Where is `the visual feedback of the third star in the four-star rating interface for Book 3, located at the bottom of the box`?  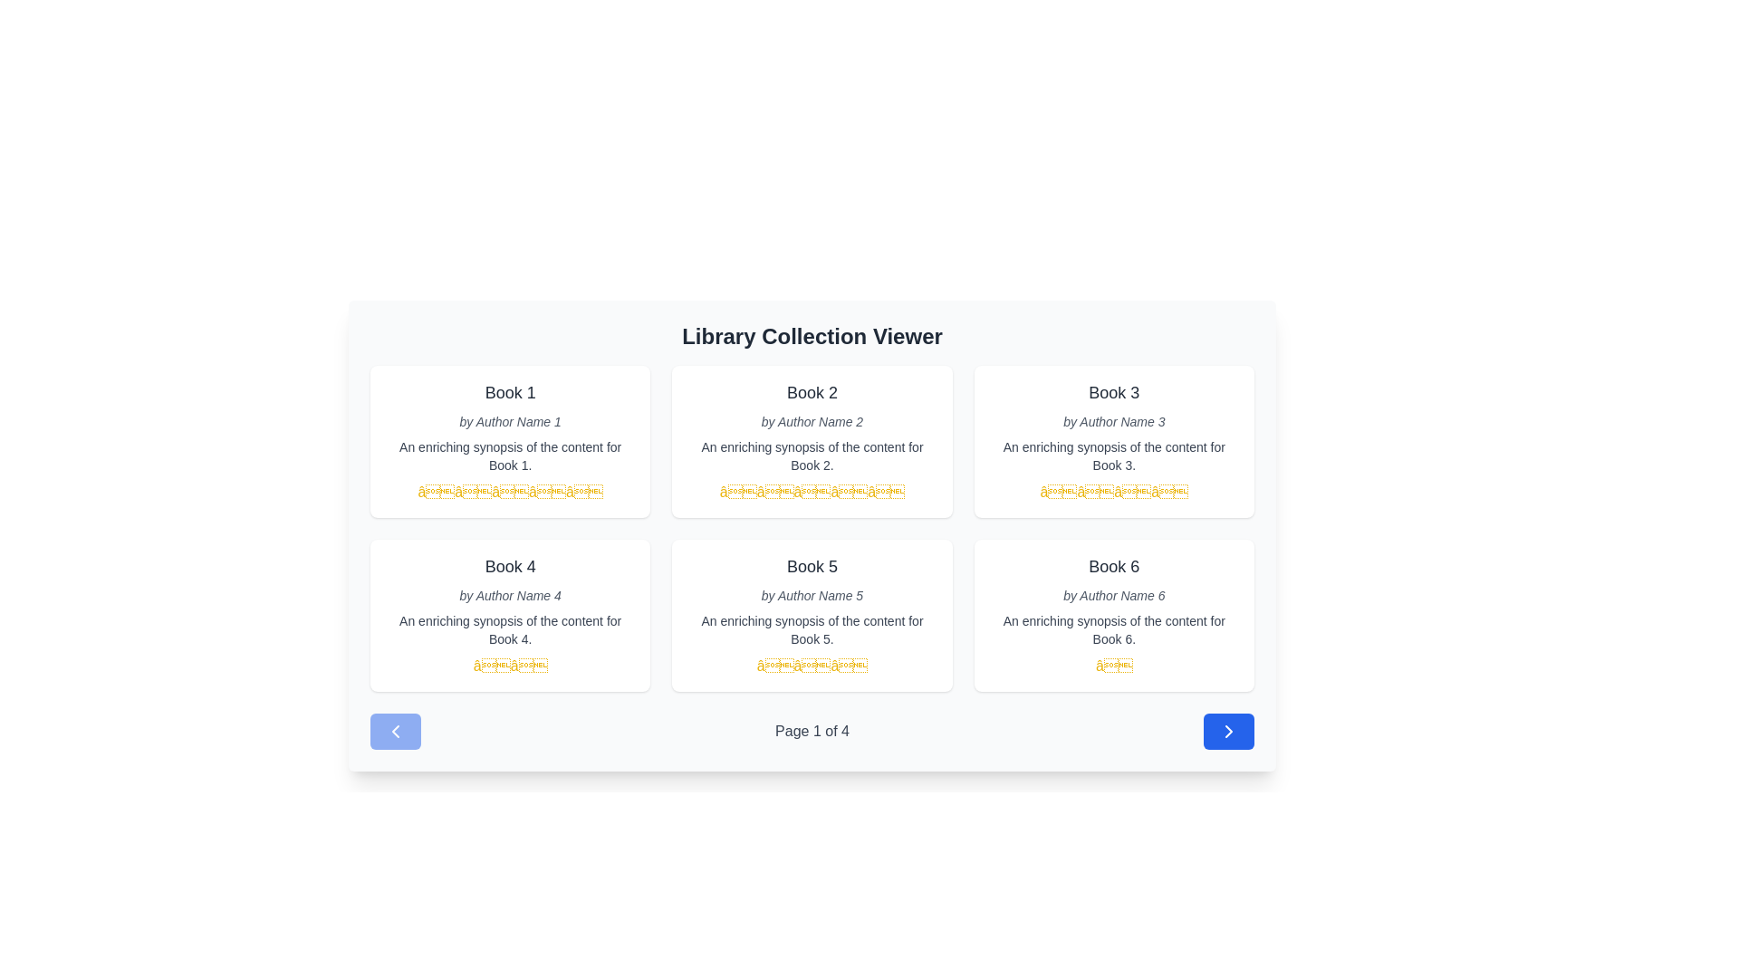
the visual feedback of the third star in the four-star rating interface for Book 3, located at the bottom of the box is located at coordinates (1058, 492).